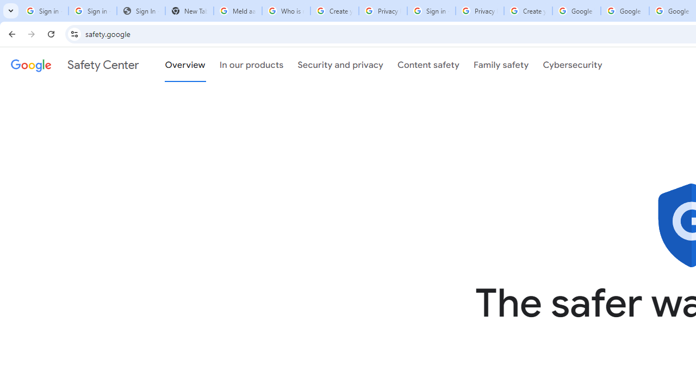 The width and height of the screenshot is (696, 391). Describe the element at coordinates (340, 65) in the screenshot. I see `'Security and privacy'` at that location.